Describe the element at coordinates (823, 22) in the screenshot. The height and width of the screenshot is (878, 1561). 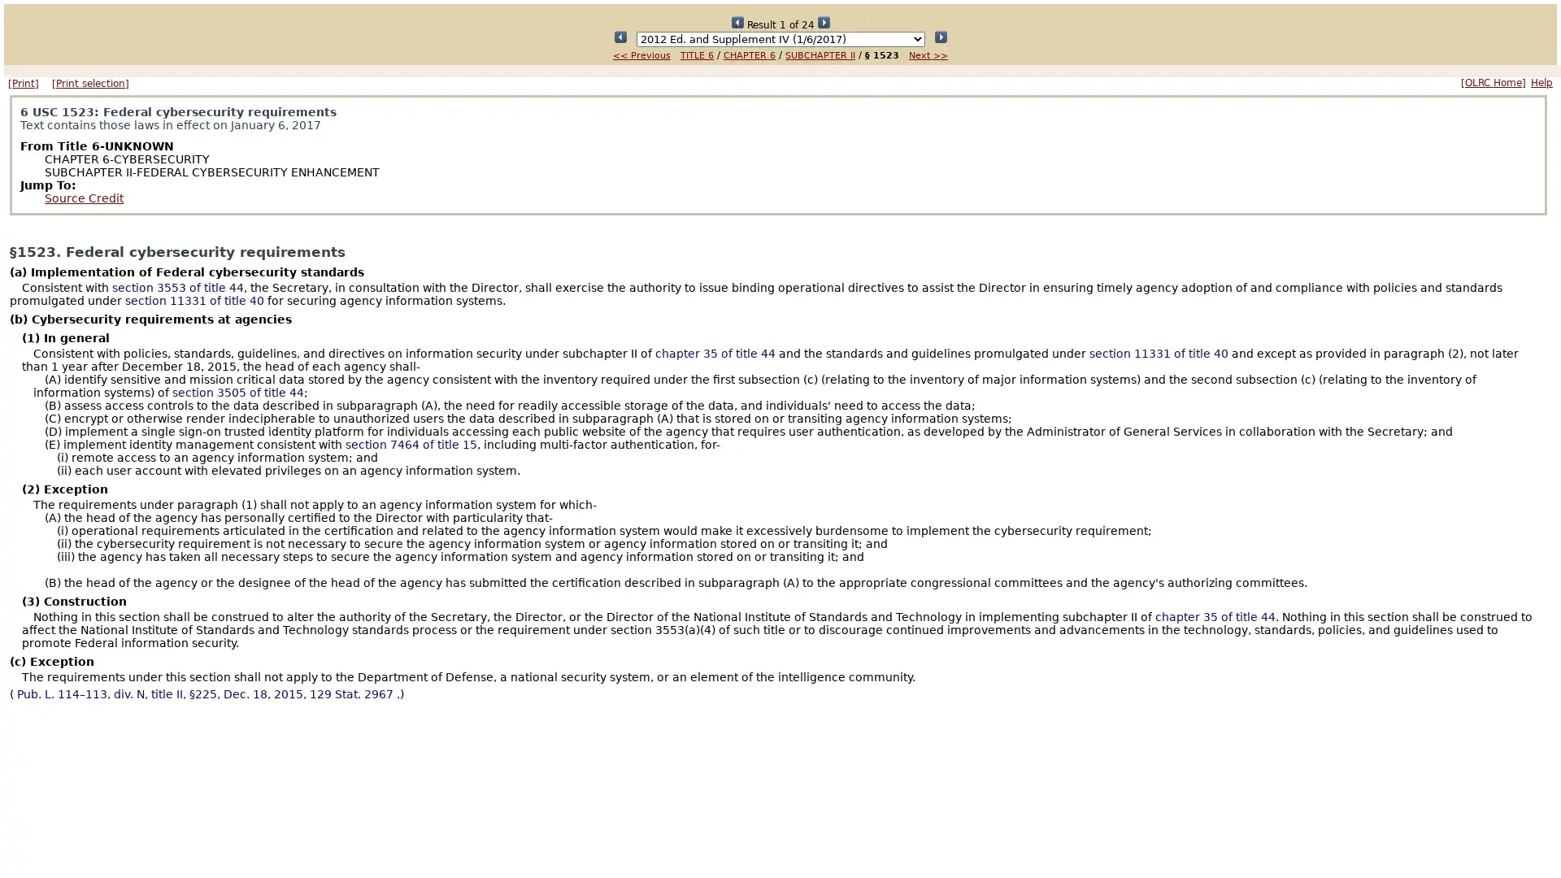
I see `Submit` at that location.